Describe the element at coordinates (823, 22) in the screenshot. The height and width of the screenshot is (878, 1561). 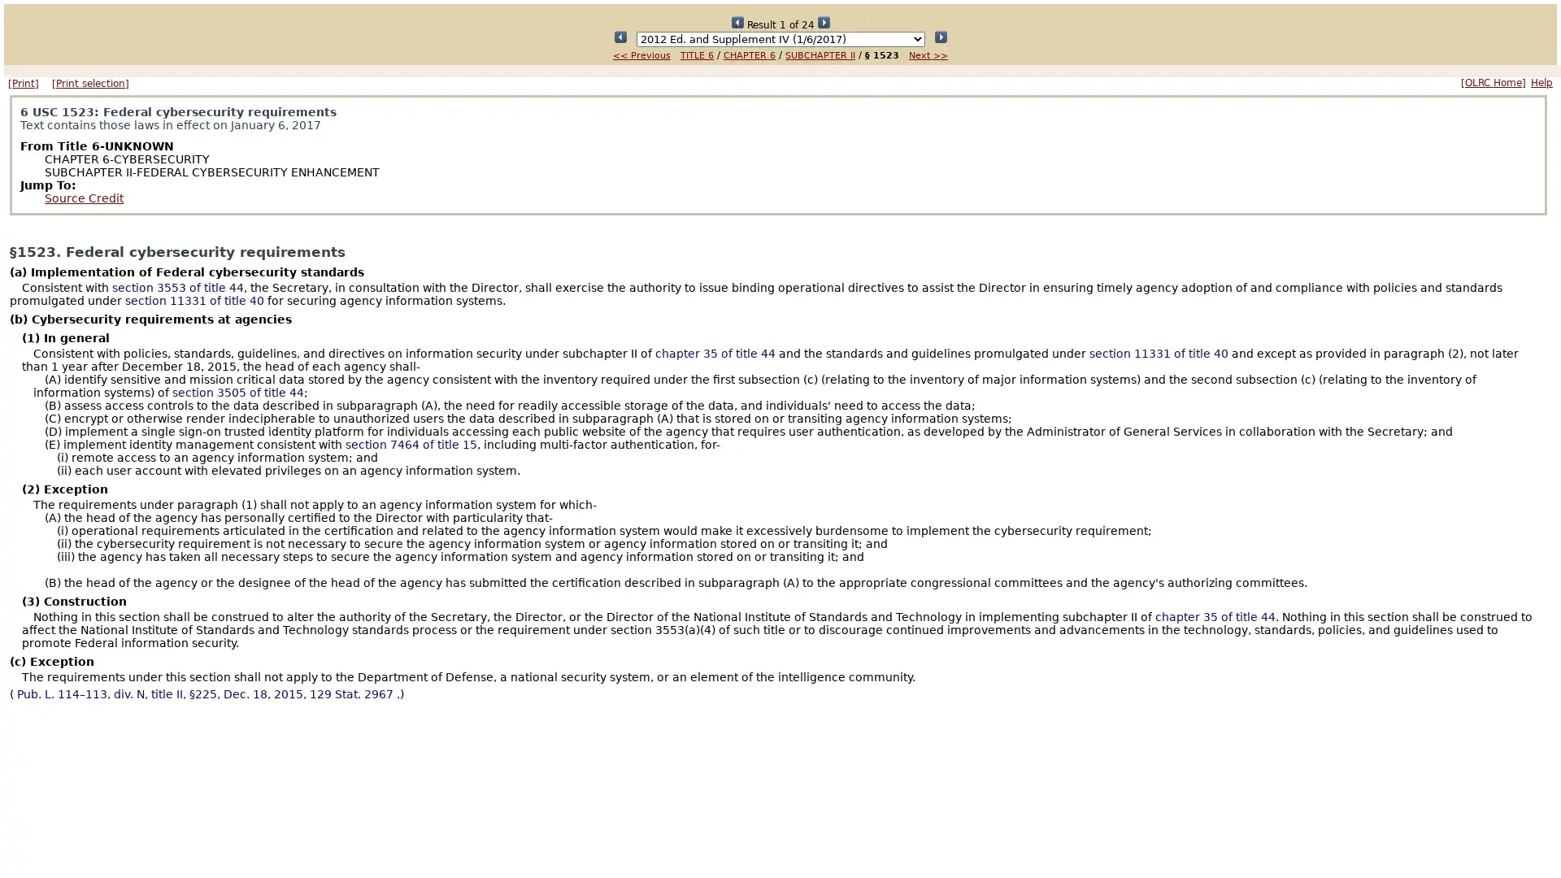
I see `Submit` at that location.